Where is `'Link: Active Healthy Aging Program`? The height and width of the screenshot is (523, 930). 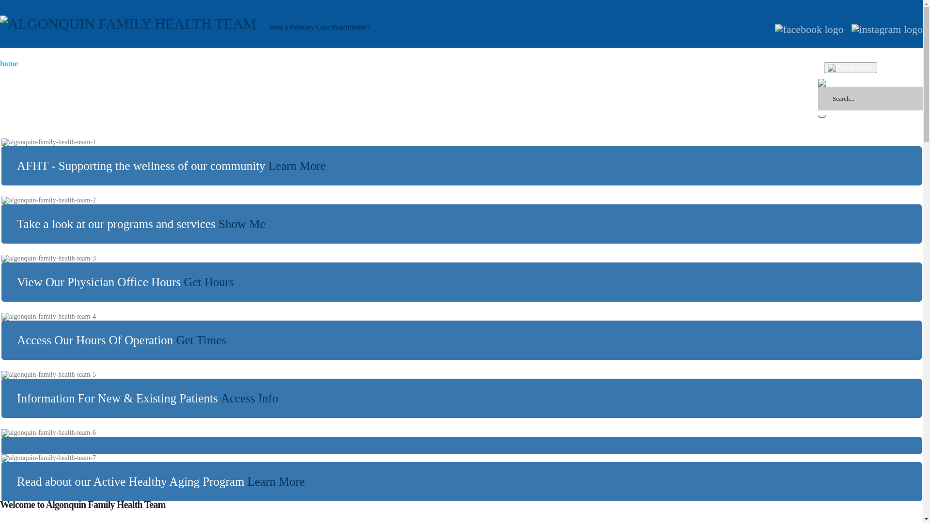 'Link: Active Healthy Aging Program is located at coordinates (276, 481).